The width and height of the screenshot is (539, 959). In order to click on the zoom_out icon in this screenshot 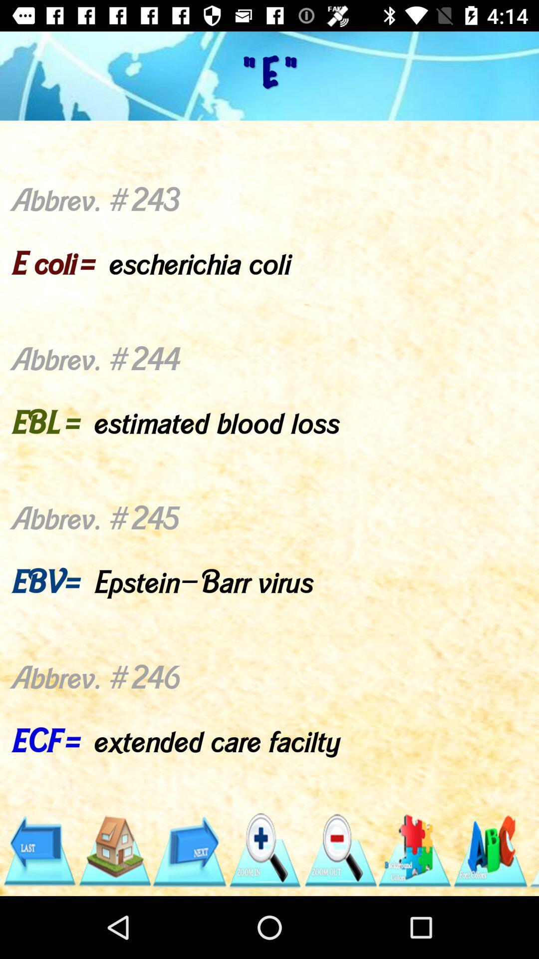, I will do `click(339, 850)`.